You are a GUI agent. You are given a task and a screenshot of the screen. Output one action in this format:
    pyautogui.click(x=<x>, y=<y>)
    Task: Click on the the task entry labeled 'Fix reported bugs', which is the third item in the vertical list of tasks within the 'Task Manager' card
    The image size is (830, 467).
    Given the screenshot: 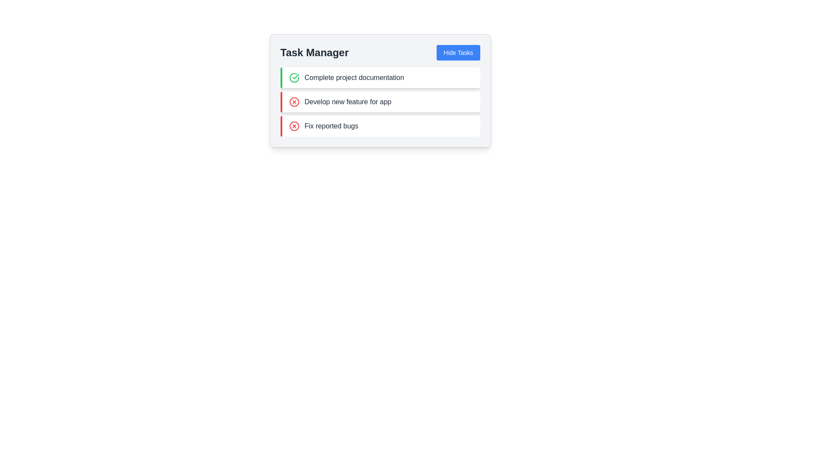 What is the action you would take?
    pyautogui.click(x=380, y=126)
    